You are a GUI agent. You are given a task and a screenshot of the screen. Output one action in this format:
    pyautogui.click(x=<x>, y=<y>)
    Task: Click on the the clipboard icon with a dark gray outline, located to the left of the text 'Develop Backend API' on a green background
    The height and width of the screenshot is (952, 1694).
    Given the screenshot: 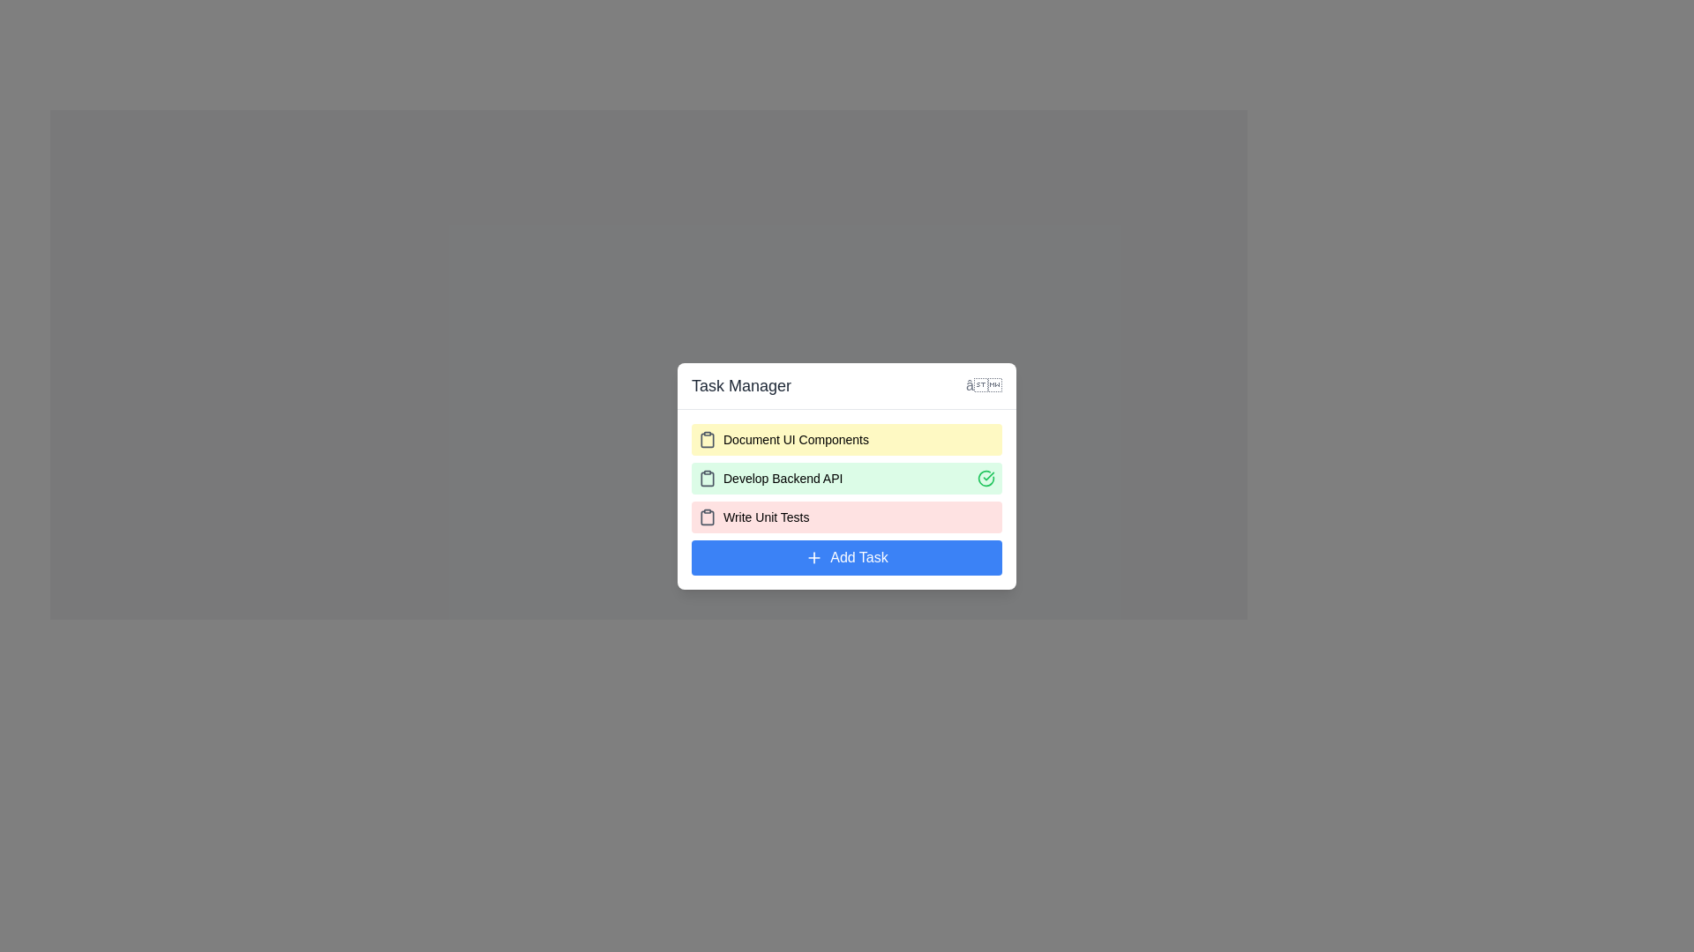 What is the action you would take?
    pyautogui.click(x=707, y=478)
    